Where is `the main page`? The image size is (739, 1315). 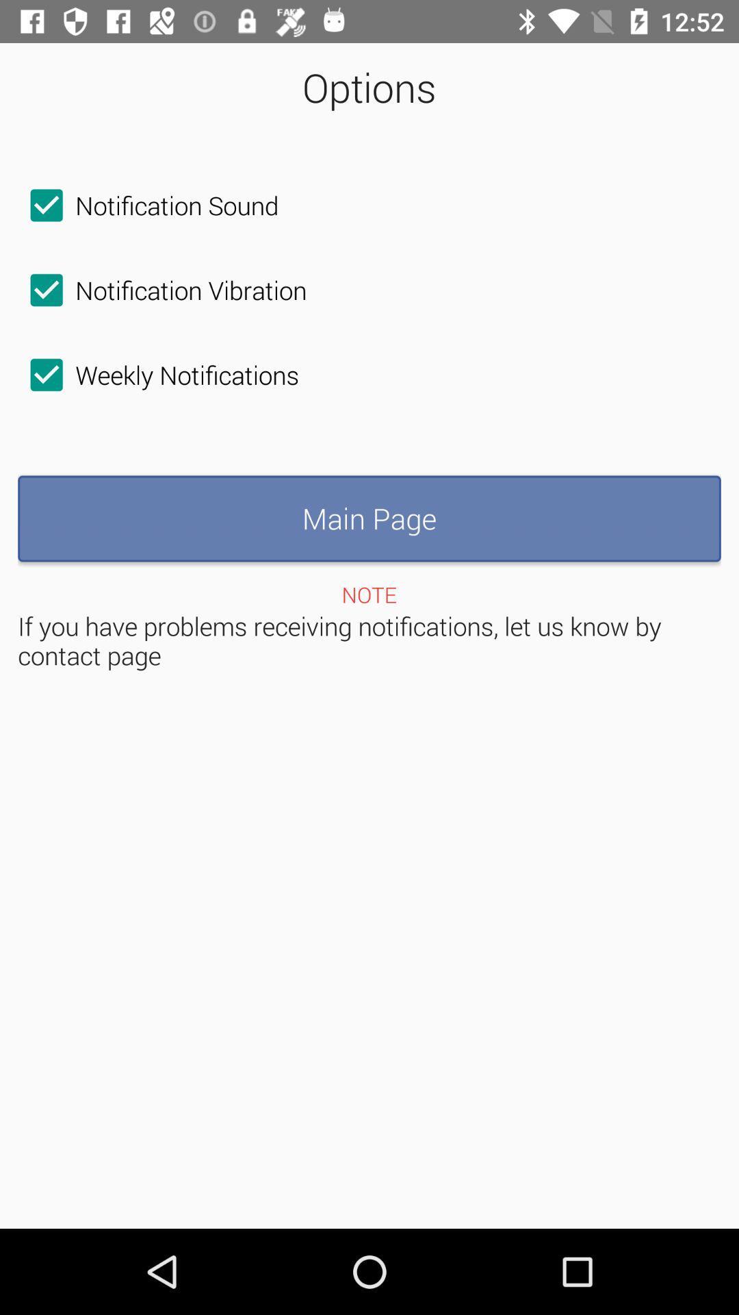
the main page is located at coordinates (369, 518).